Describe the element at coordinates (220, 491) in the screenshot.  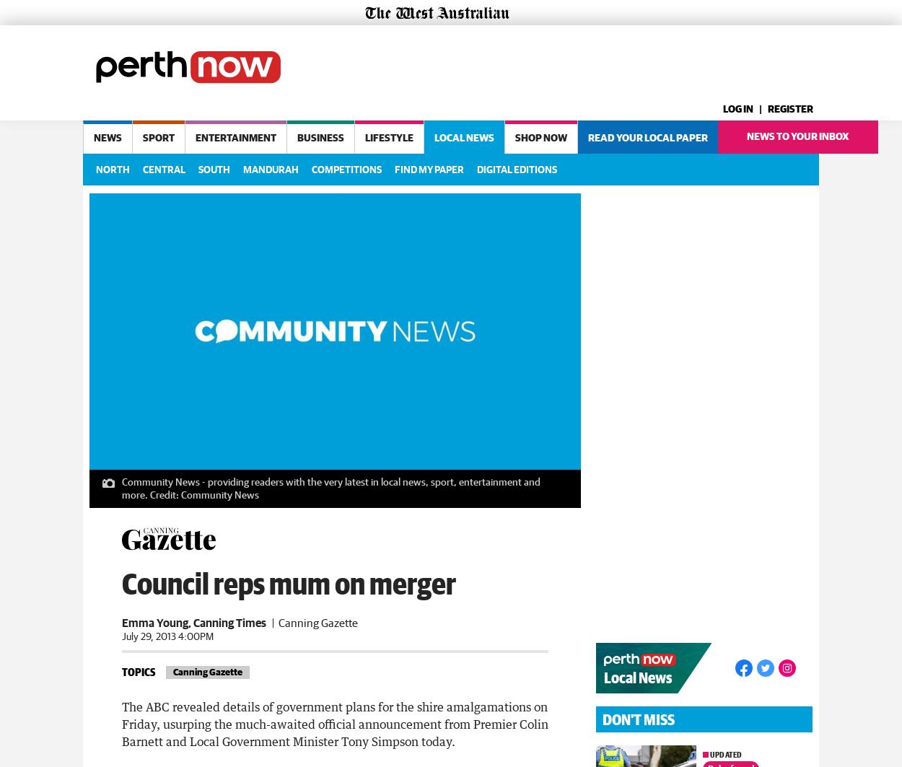
I see `'Community News'` at that location.